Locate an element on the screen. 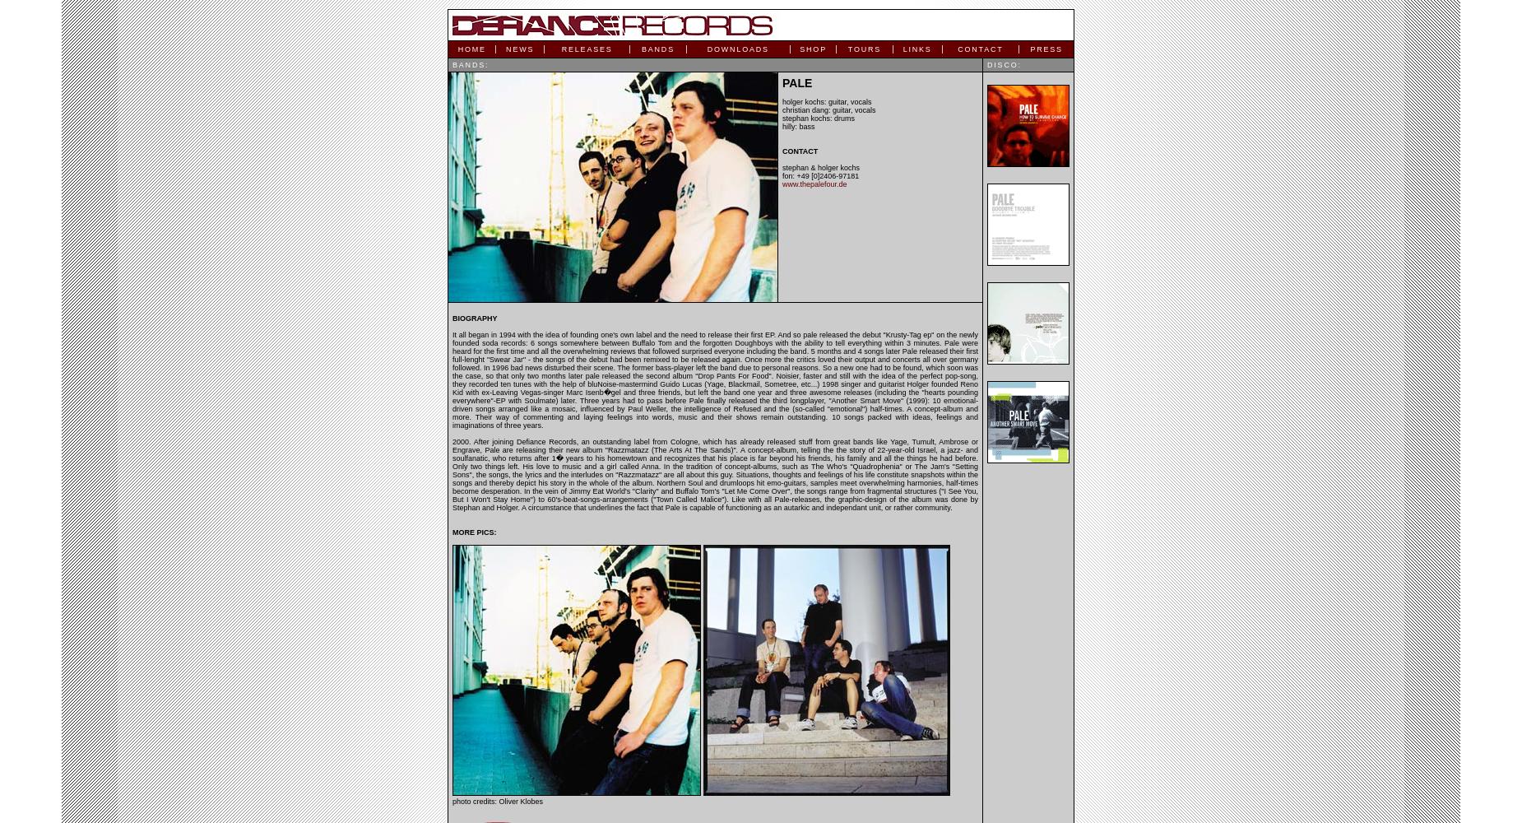  'news' is located at coordinates (519, 49).